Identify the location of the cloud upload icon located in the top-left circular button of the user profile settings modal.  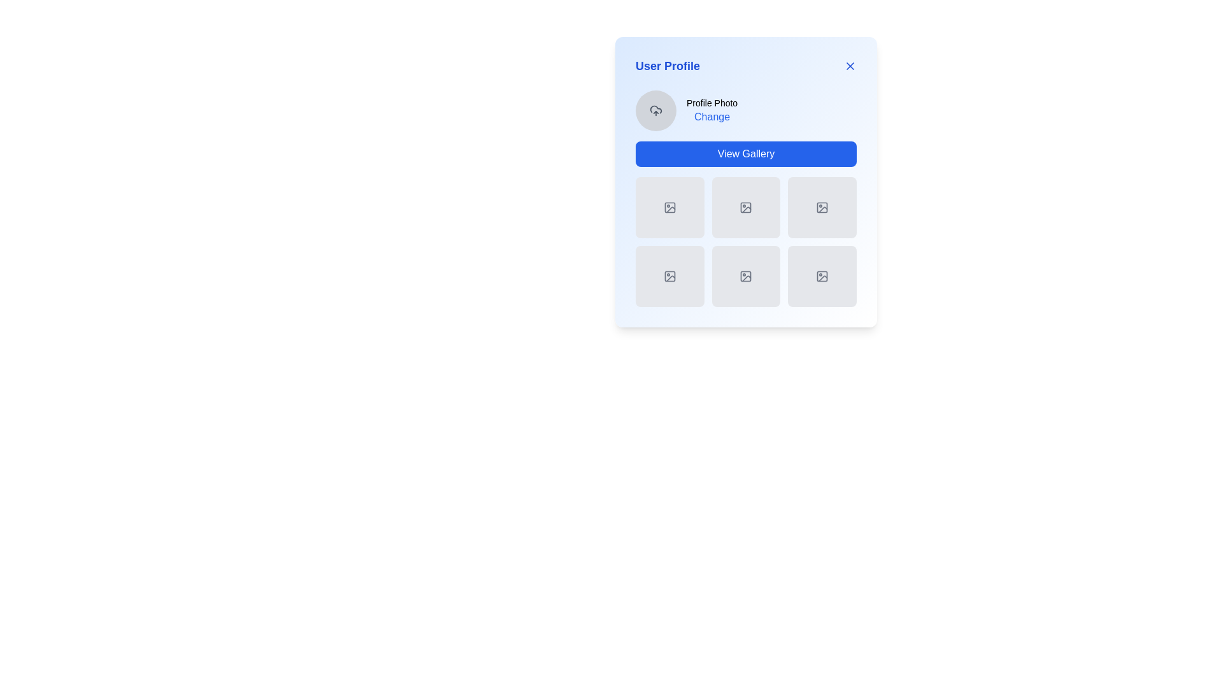
(656, 110).